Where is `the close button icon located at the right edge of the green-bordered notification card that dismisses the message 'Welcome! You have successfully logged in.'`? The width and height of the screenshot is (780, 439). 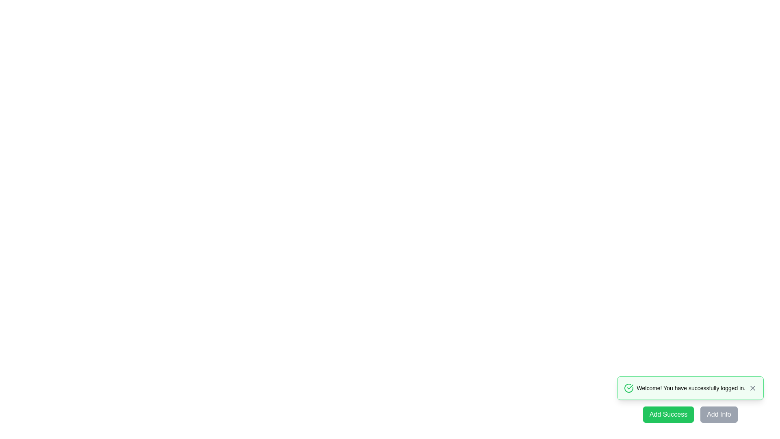
the close button icon located at the right edge of the green-bordered notification card that dismisses the message 'Welcome! You have successfully logged in.' is located at coordinates (752, 388).